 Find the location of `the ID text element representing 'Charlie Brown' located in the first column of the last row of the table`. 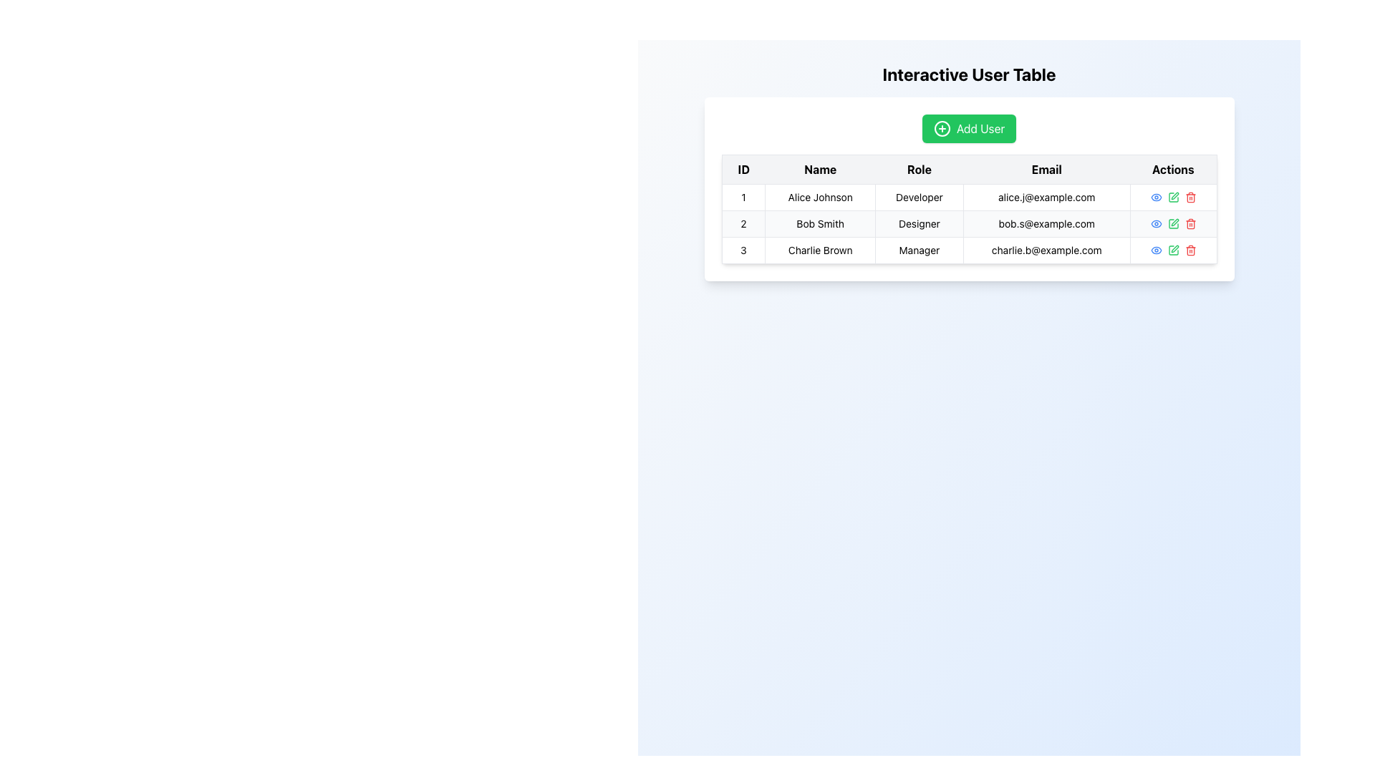

the ID text element representing 'Charlie Brown' located in the first column of the last row of the table is located at coordinates (743, 250).